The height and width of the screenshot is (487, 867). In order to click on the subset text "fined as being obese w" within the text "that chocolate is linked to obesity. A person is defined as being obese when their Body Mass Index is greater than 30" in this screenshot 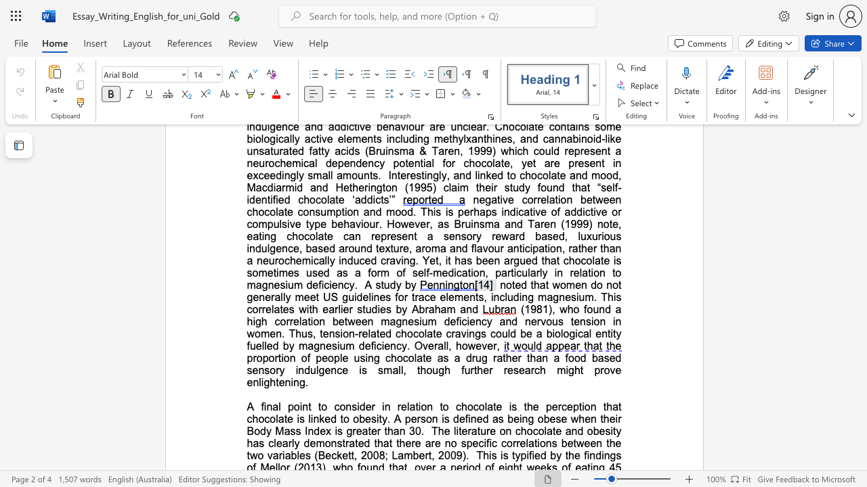, I will do `click(465, 418)`.